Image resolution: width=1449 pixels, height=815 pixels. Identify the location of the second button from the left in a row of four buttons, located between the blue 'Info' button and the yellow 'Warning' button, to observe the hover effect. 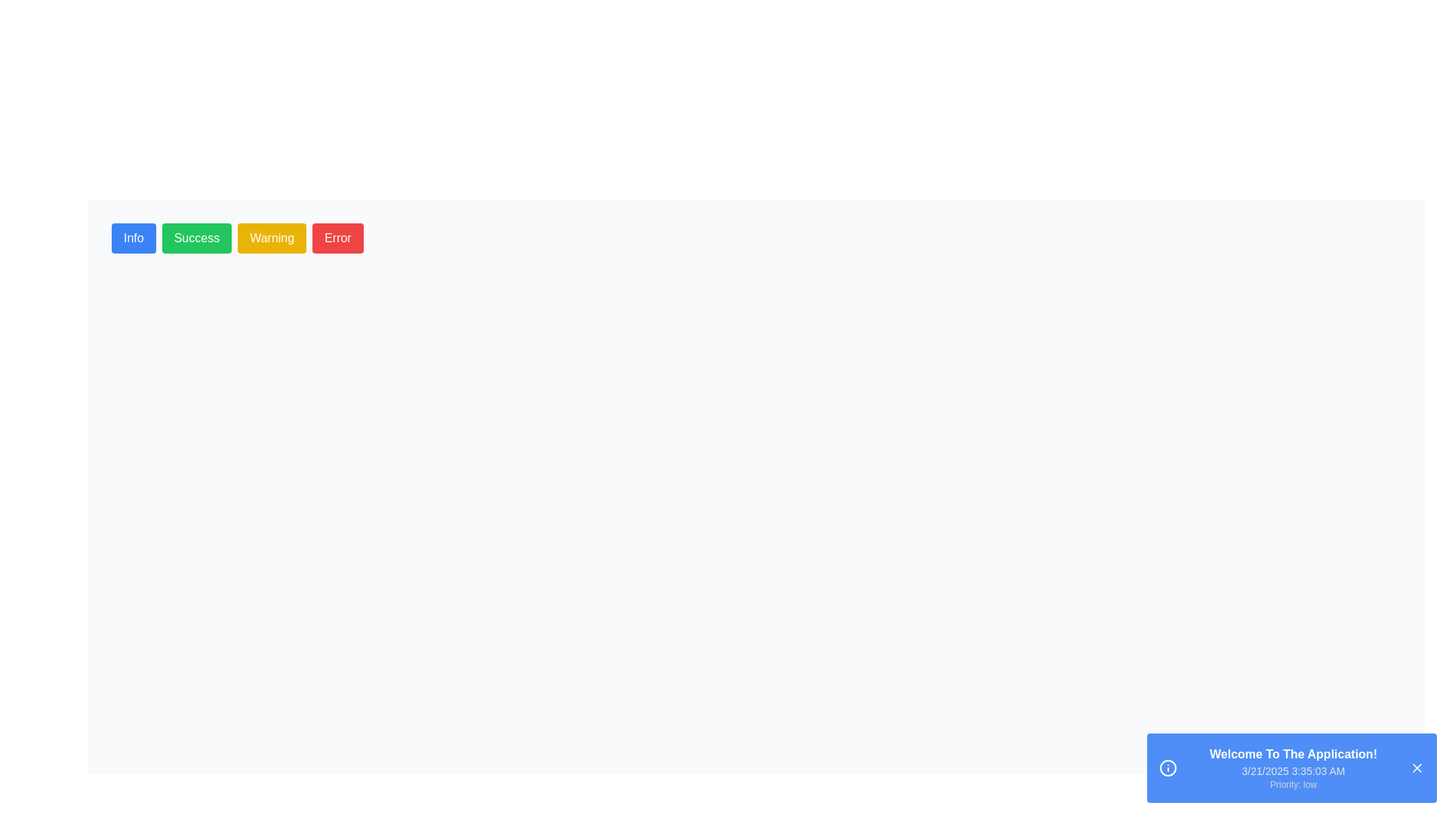
(195, 238).